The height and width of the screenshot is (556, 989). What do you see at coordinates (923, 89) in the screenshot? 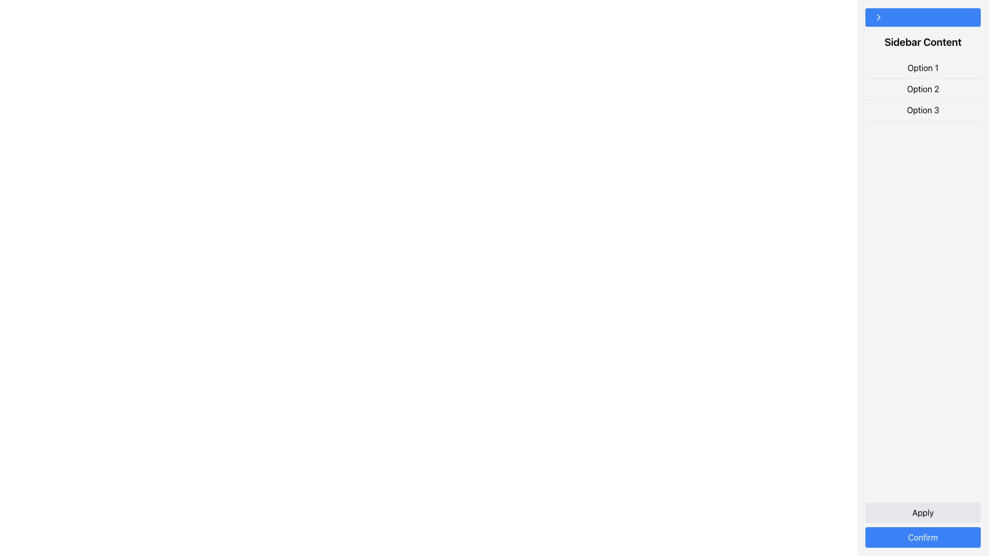
I see `the text item displaying 'Option 2'` at bounding box center [923, 89].